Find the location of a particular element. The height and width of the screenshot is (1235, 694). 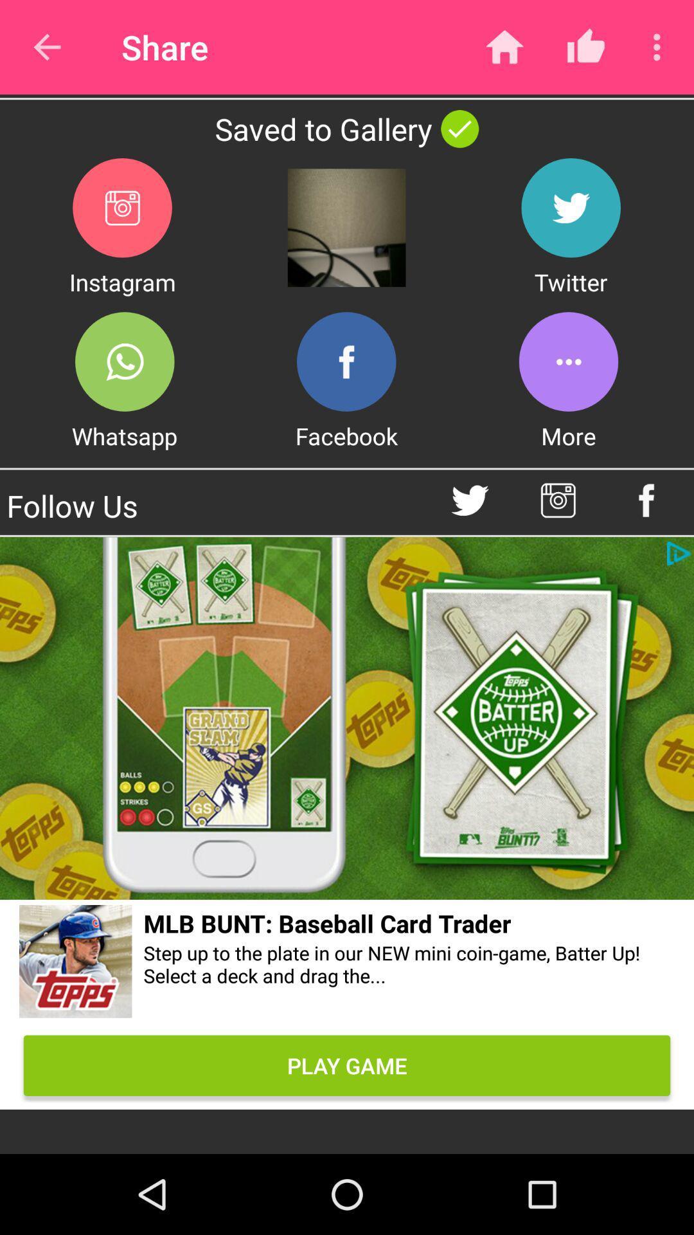

the facebook icon is located at coordinates (346, 361).